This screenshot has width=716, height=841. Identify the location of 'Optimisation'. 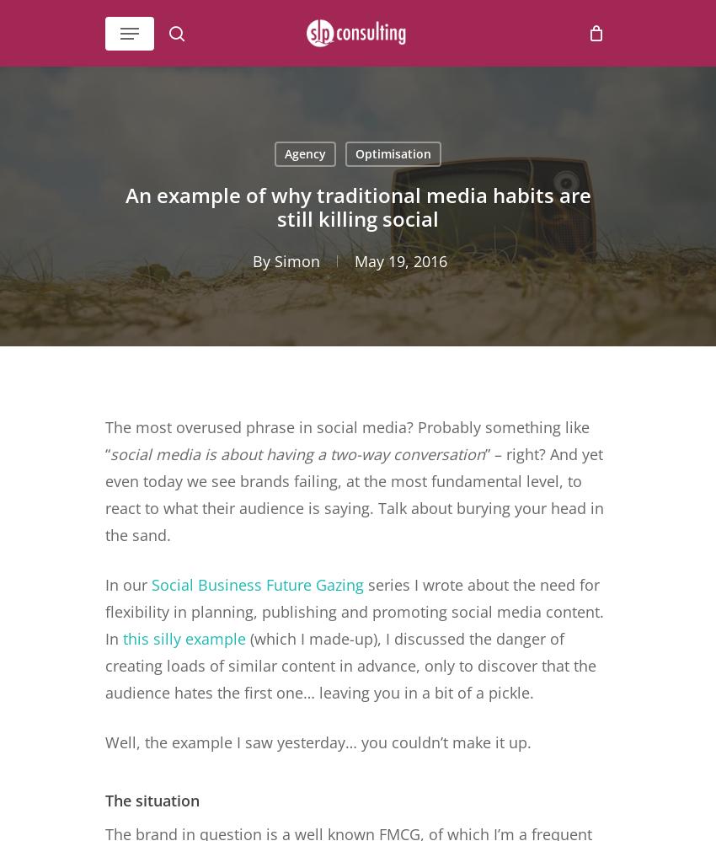
(391, 153).